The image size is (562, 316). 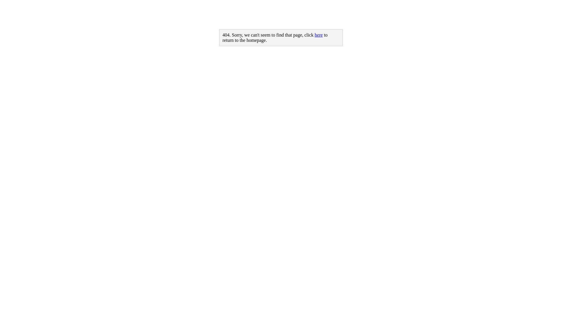 I want to click on 'here', so click(x=314, y=35).